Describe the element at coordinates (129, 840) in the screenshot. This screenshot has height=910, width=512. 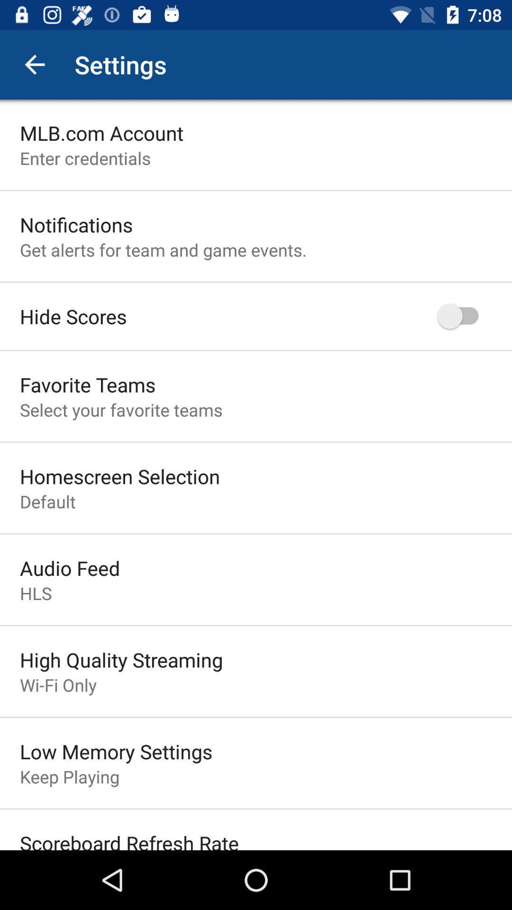
I see `the scoreboard refresh rate item` at that location.